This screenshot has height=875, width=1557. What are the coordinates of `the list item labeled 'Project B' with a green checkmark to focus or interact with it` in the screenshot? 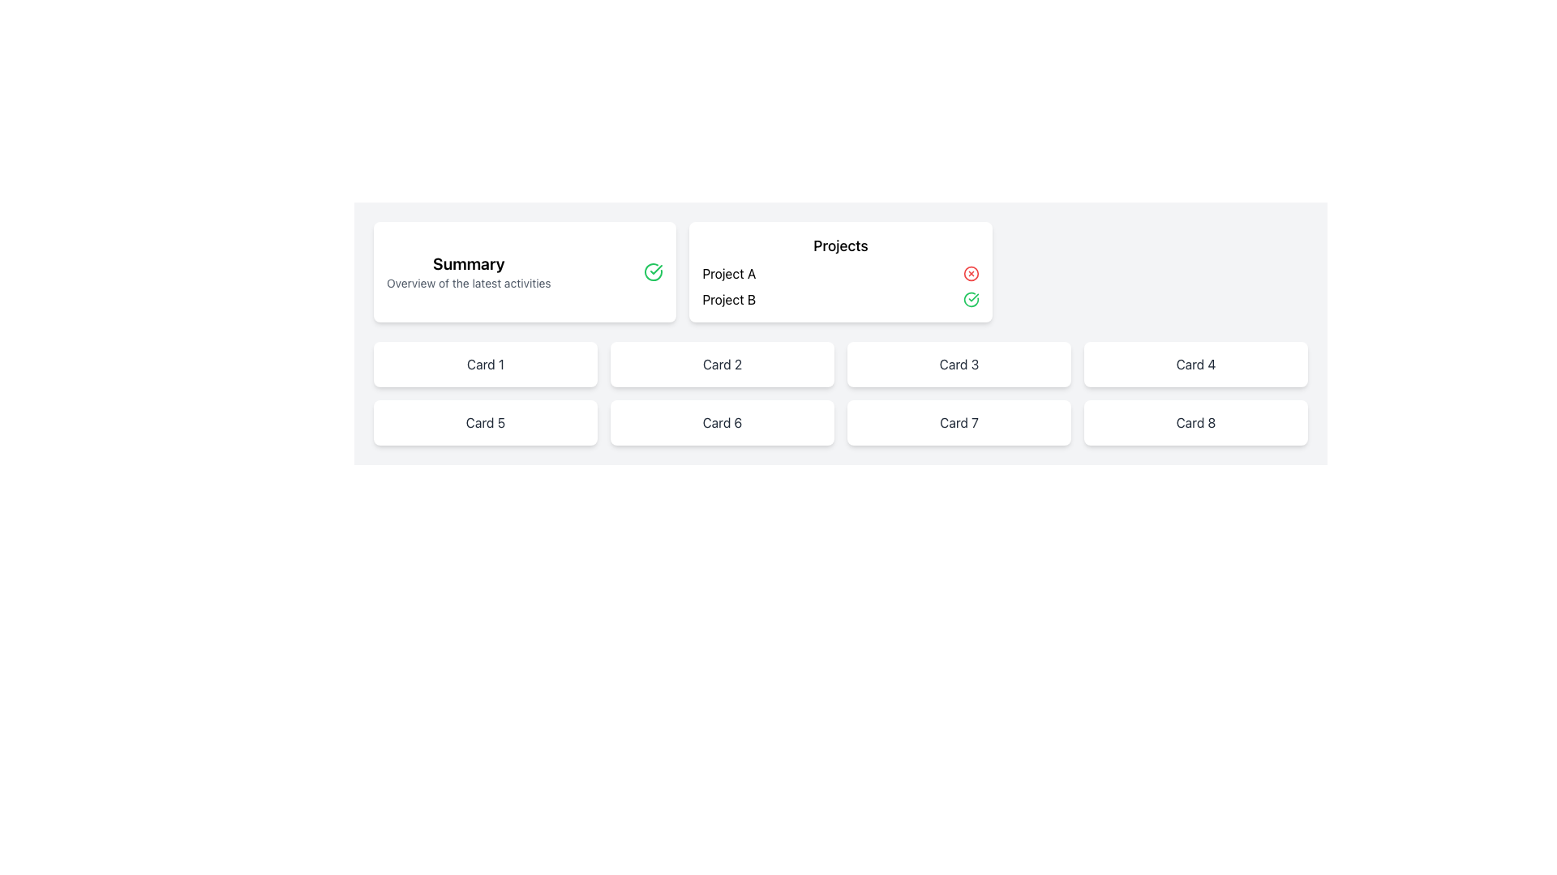 It's located at (840, 300).